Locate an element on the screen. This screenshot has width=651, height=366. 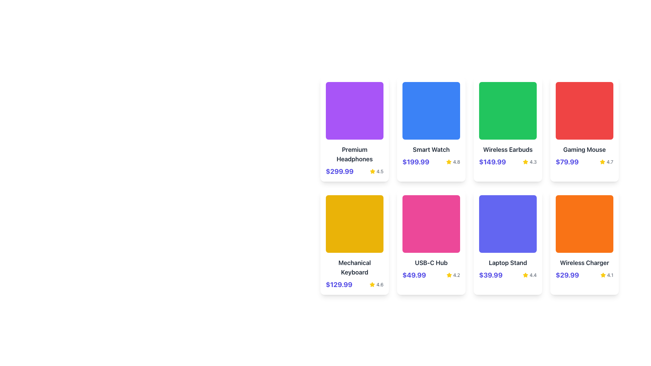
the star icon in the bottom-right corner of the rating section to interact with the rating feature for the 'Smart Watch' product is located at coordinates (449, 162).